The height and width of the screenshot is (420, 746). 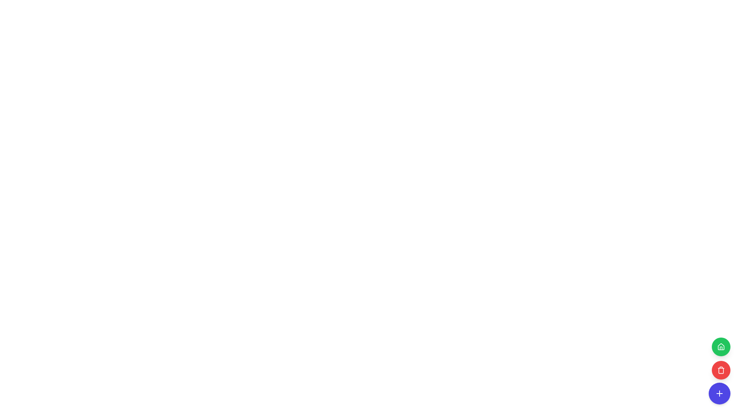 What do you see at coordinates (721, 370) in the screenshot?
I see `the trash can icon outlined in white, which is contained within a small red circular button located in the bottom-right quadrant of the interface` at bounding box center [721, 370].